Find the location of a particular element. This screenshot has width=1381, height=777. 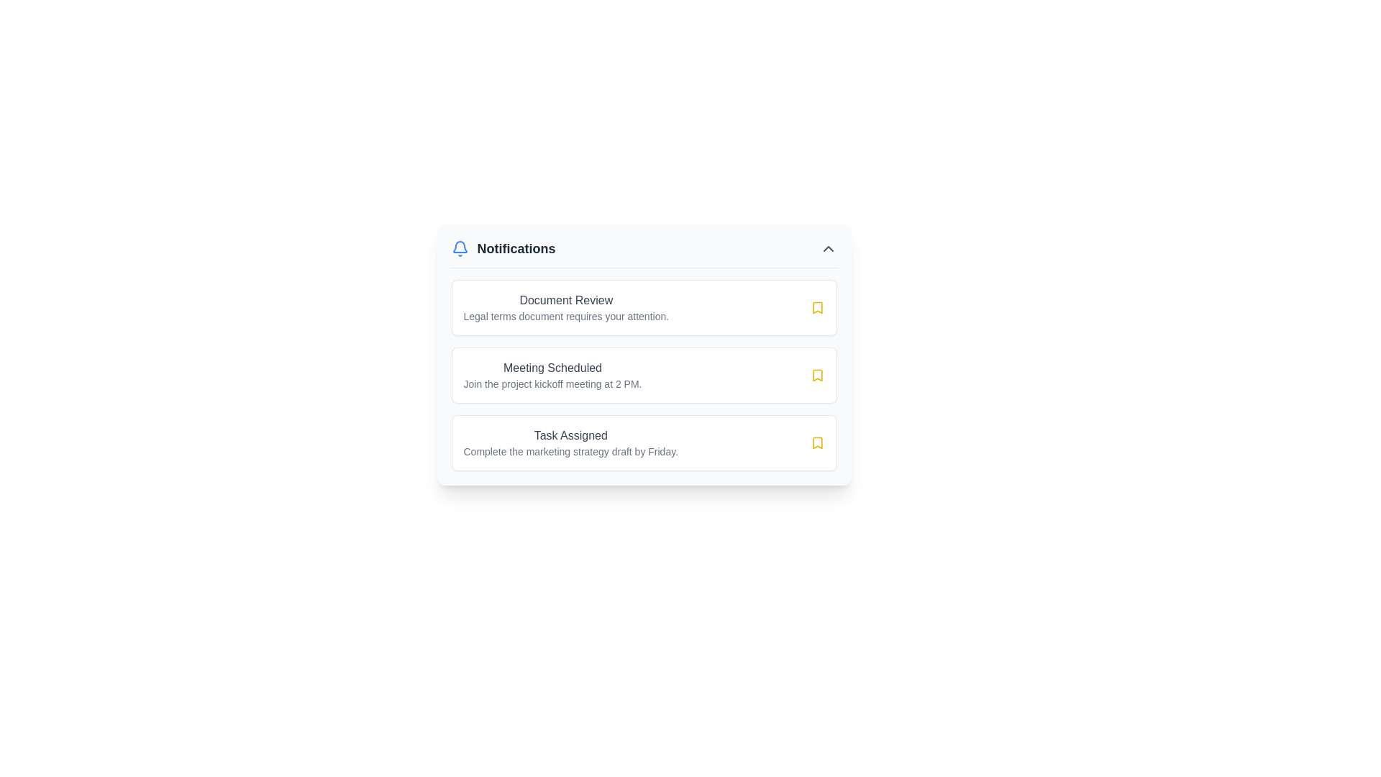

the title text of the notification item located at the top-center of the notification panel, which summarizes the notification content is located at coordinates (565, 299).